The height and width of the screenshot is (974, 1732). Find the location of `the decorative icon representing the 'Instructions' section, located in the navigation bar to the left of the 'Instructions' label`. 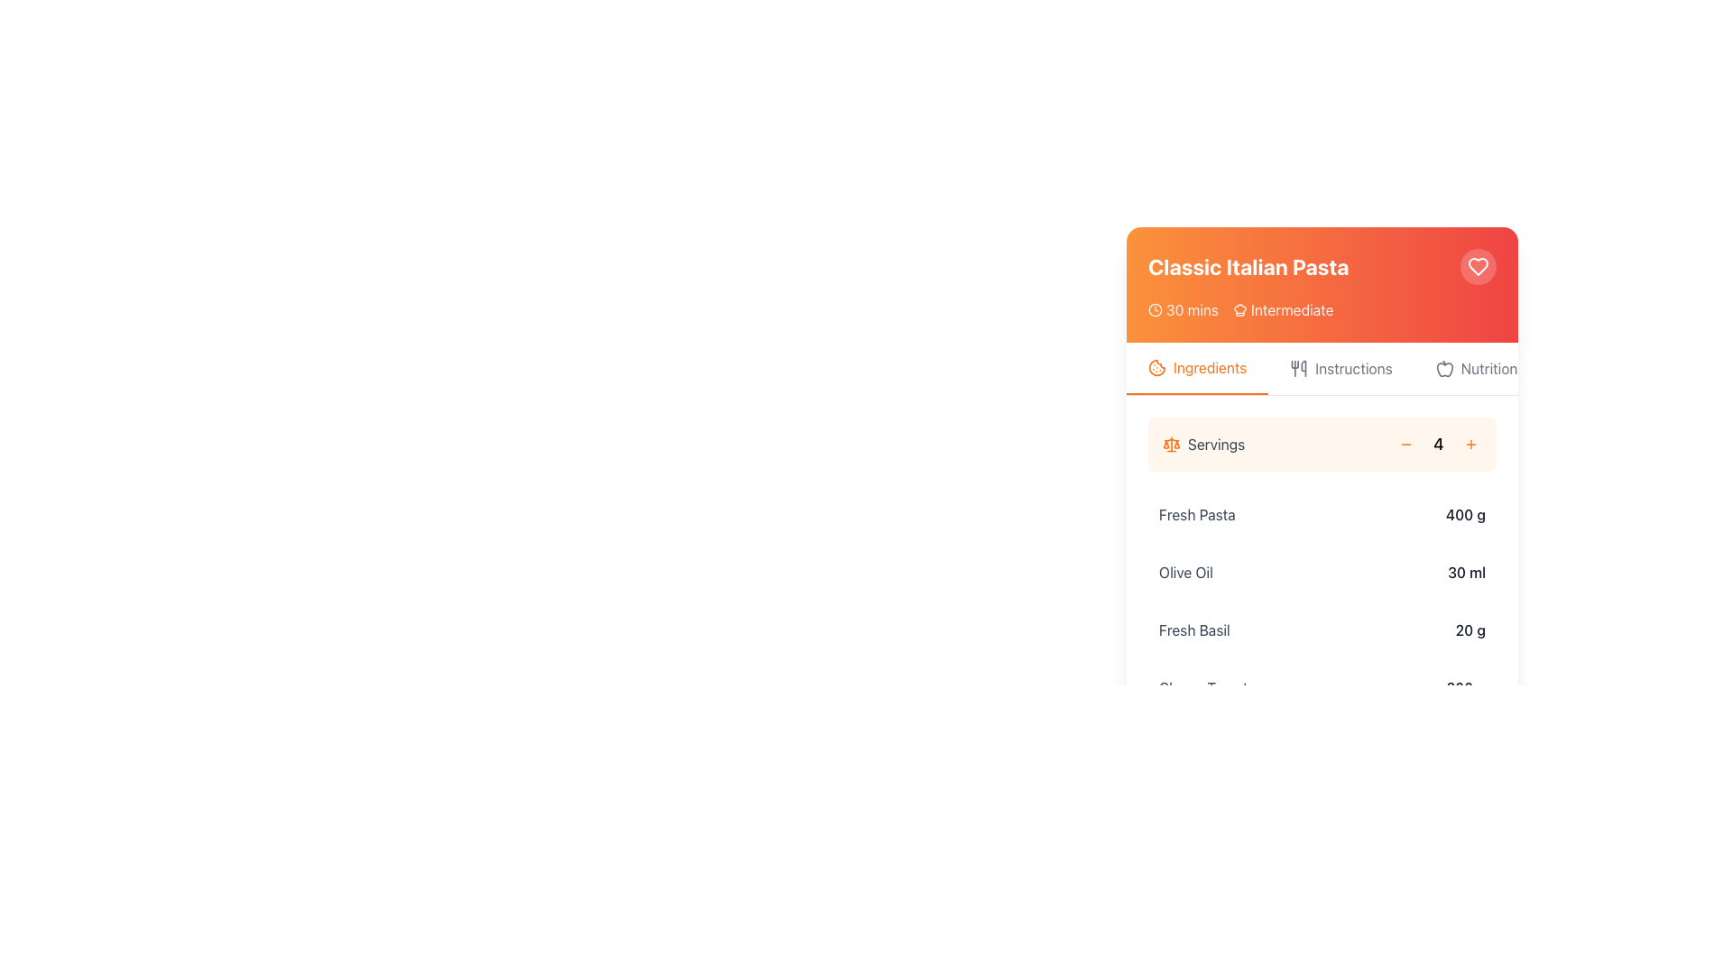

the decorative icon representing the 'Instructions' section, located in the navigation bar to the left of the 'Instructions' label is located at coordinates (1299, 367).